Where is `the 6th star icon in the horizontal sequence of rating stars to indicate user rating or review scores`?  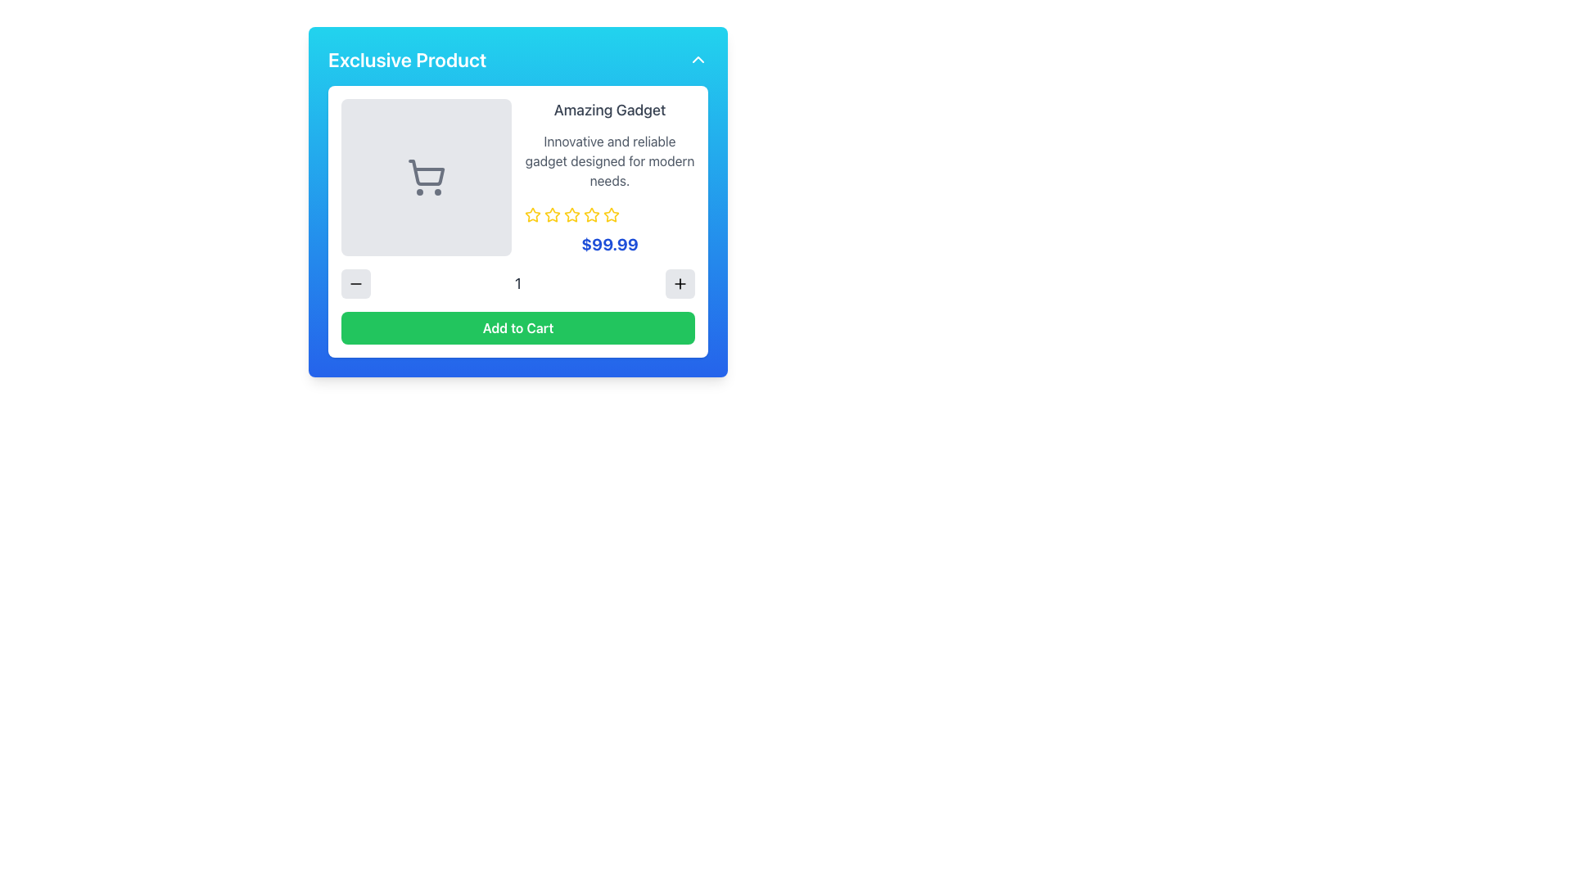 the 6th star icon in the horizontal sequence of rating stars to indicate user rating or review scores is located at coordinates (611, 214).